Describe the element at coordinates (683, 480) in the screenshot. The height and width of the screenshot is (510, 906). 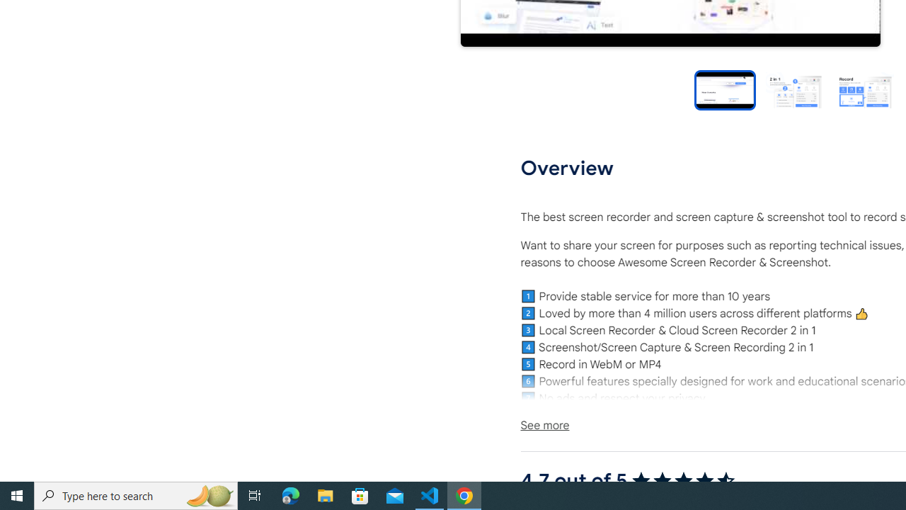
I see `'4.7 out of 5 stars'` at that location.